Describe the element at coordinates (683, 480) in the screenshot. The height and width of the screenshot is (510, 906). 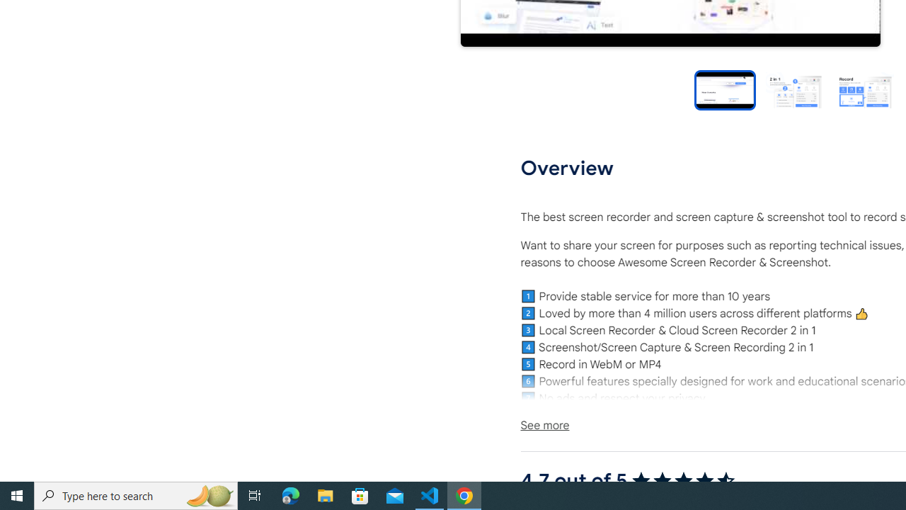
I see `'4.7 out of 5 stars'` at that location.